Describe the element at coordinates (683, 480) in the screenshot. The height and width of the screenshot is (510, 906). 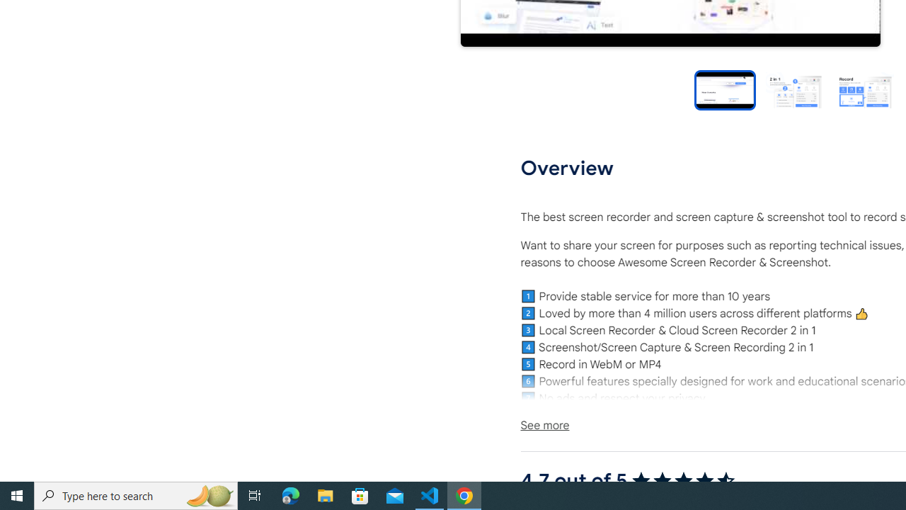
I see `'4.7 out of 5 stars'` at that location.